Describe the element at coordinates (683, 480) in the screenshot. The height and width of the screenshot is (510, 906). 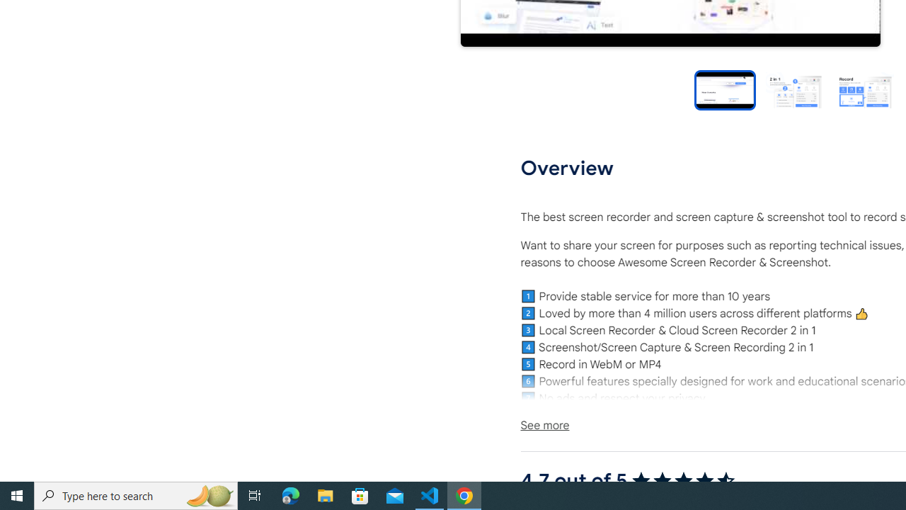
I see `'4.7 out of 5 stars'` at that location.